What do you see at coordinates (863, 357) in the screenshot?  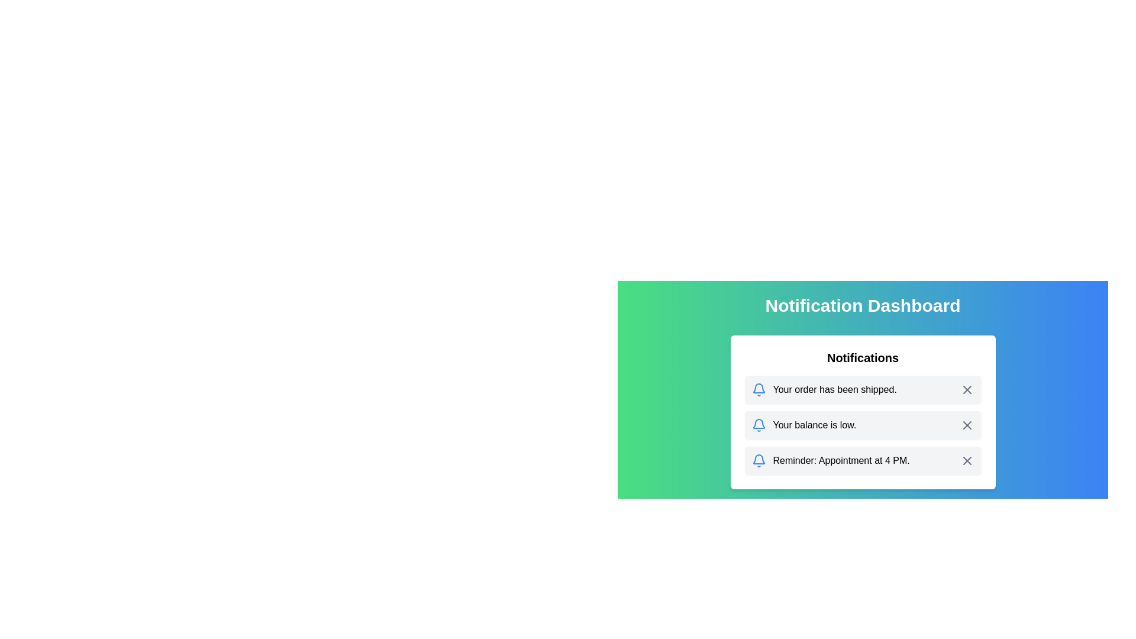 I see `the static text header that serves as the title for the notification panel, located at the topmost position within the panel` at bounding box center [863, 357].